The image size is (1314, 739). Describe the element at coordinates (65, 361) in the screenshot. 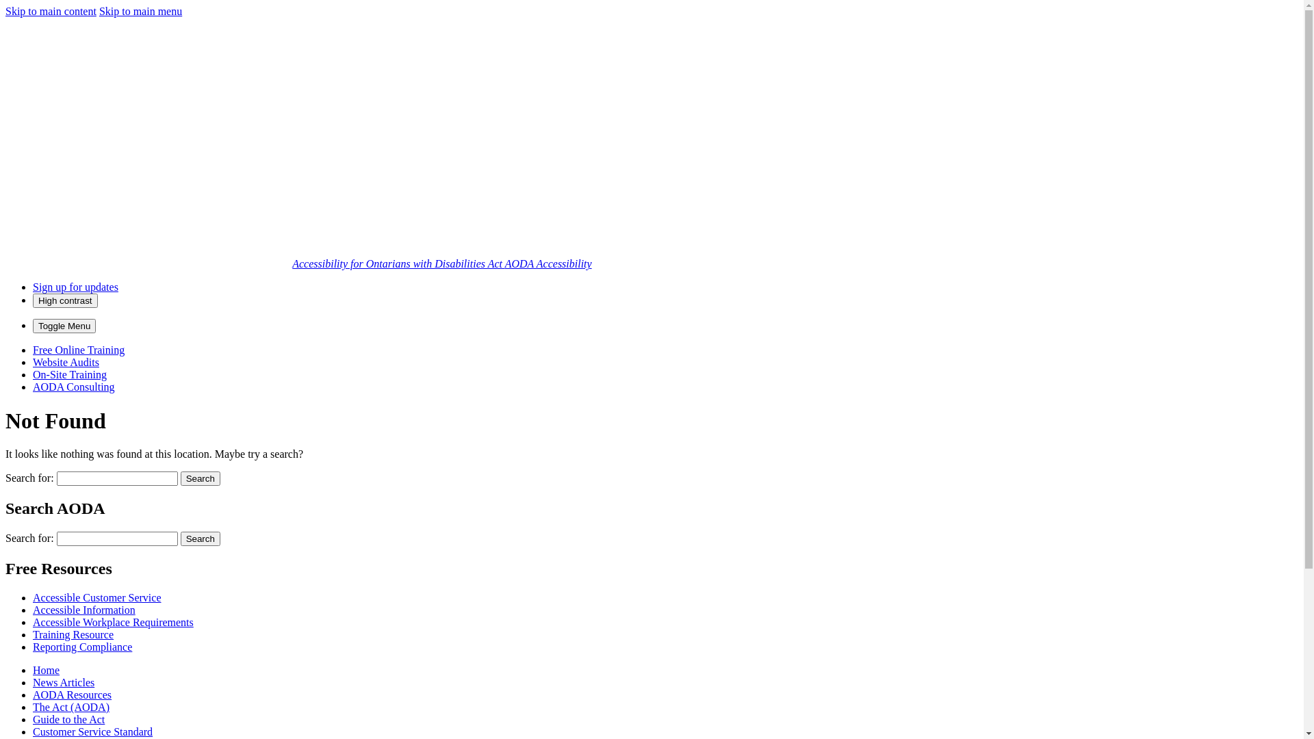

I see `'Website Audits'` at that location.